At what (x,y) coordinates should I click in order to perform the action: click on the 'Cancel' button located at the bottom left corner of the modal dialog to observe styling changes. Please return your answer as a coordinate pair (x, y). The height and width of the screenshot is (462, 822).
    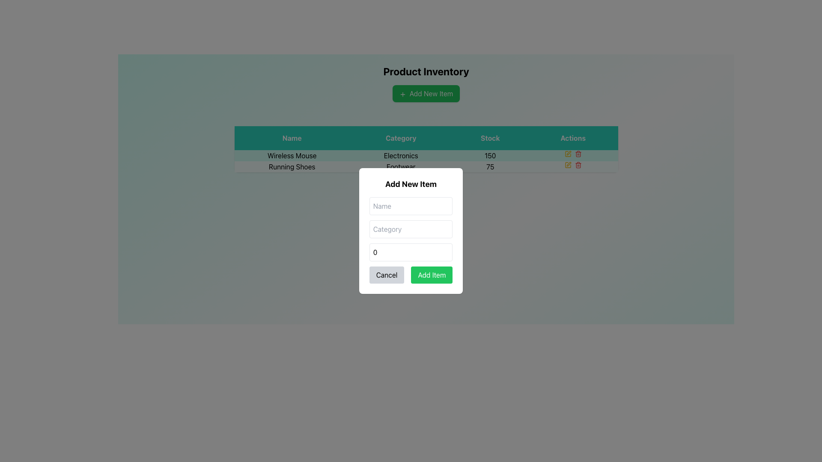
    Looking at the image, I should click on (386, 275).